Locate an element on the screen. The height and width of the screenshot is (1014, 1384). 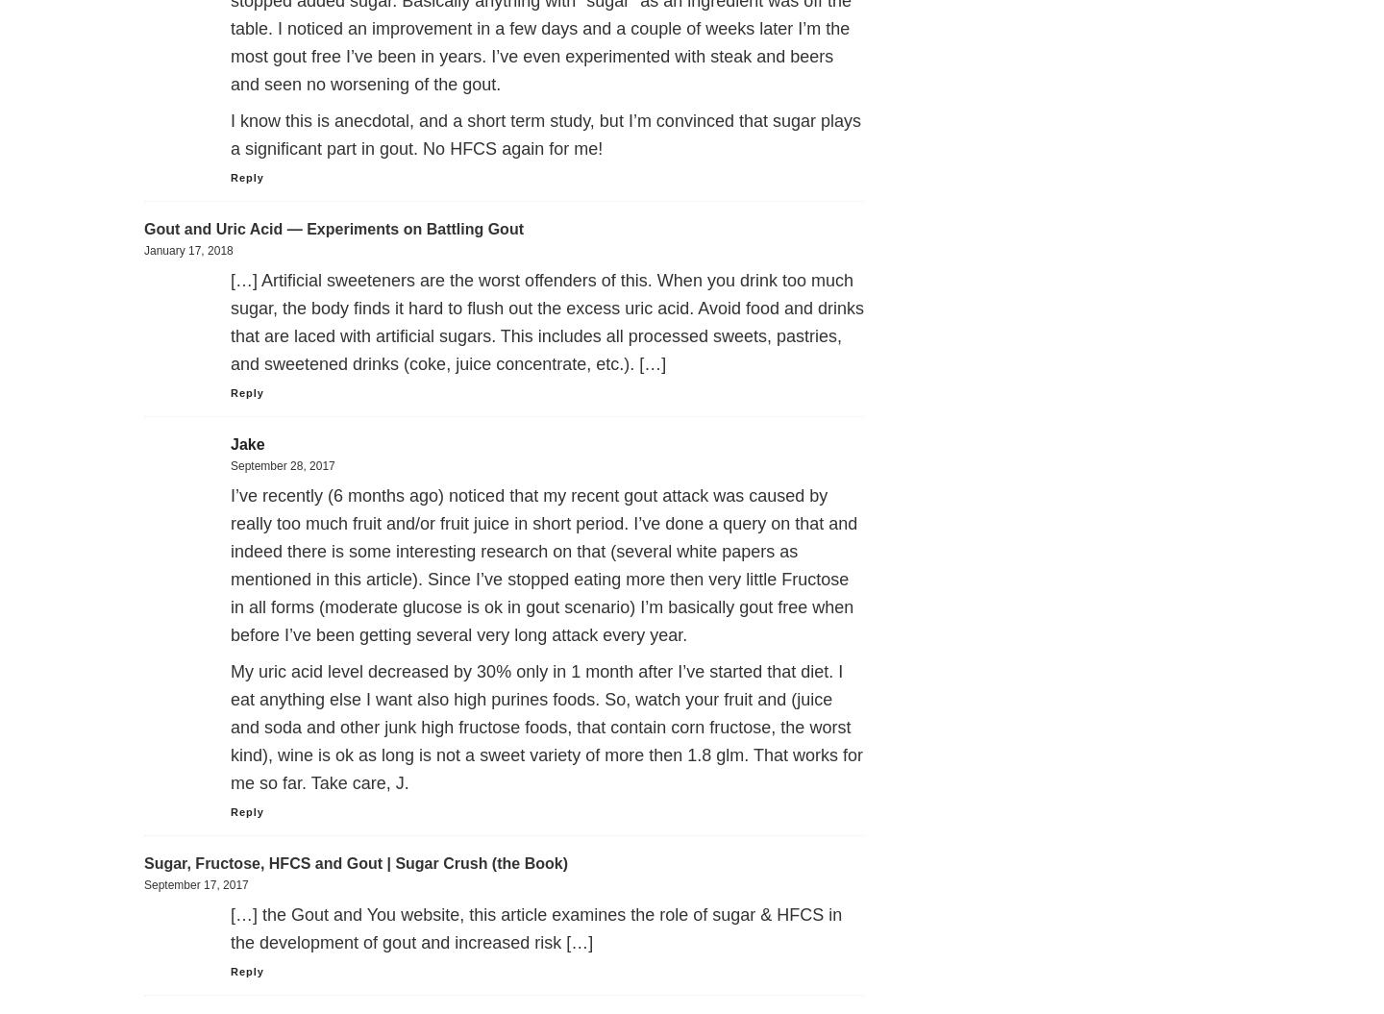
'[…] Artificial sweeteners are the worst offenders of this. When you drink too much sugar, the body finds it hard to flush out the excess uric acid. Avoid food and drinks that are laced with artificial sugars. This includes all processed sweets, pastries, and sweetened drinks (coke, juice concentrate, etc.). […]' is located at coordinates (547, 321).